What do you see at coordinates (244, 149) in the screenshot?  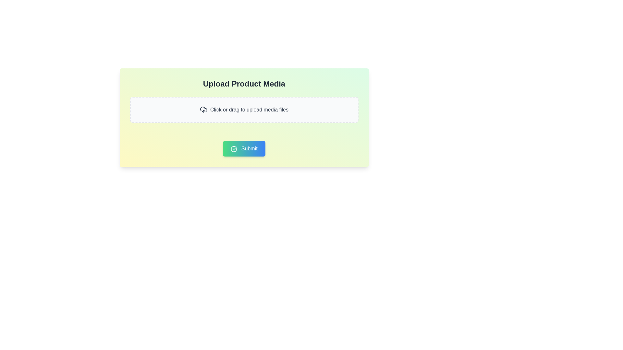 I see `the rectangular button labeled 'Submit' with a gradient background transitioning from green to blue, which contains a white checkmark icon and is centrally aligned beneath the 'Upload Product Media' text box` at bounding box center [244, 149].